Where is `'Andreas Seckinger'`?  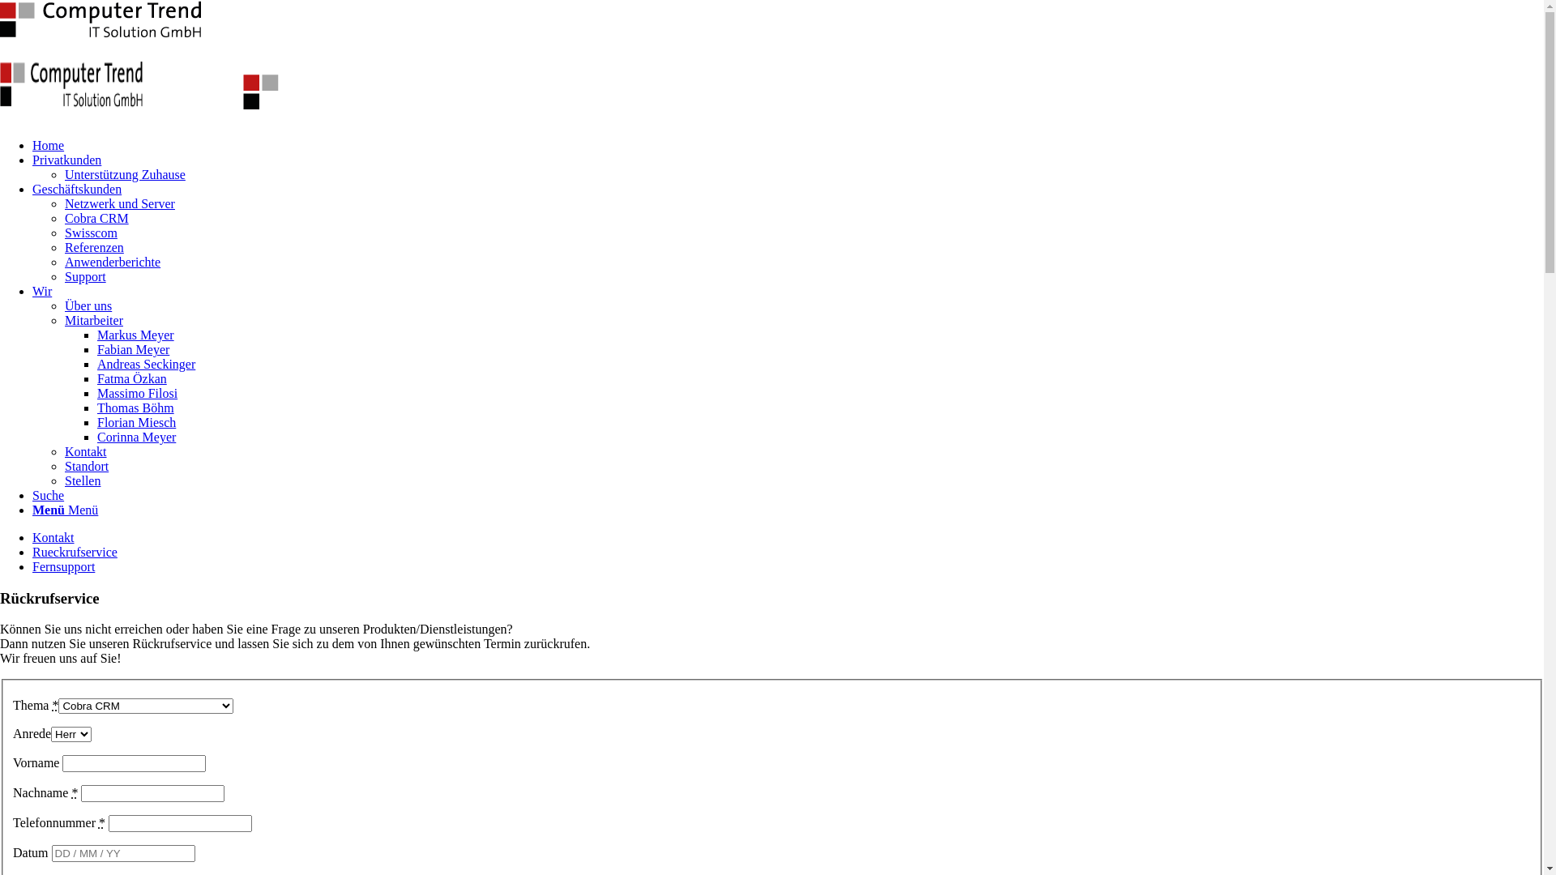
'Andreas Seckinger' is located at coordinates (146, 363).